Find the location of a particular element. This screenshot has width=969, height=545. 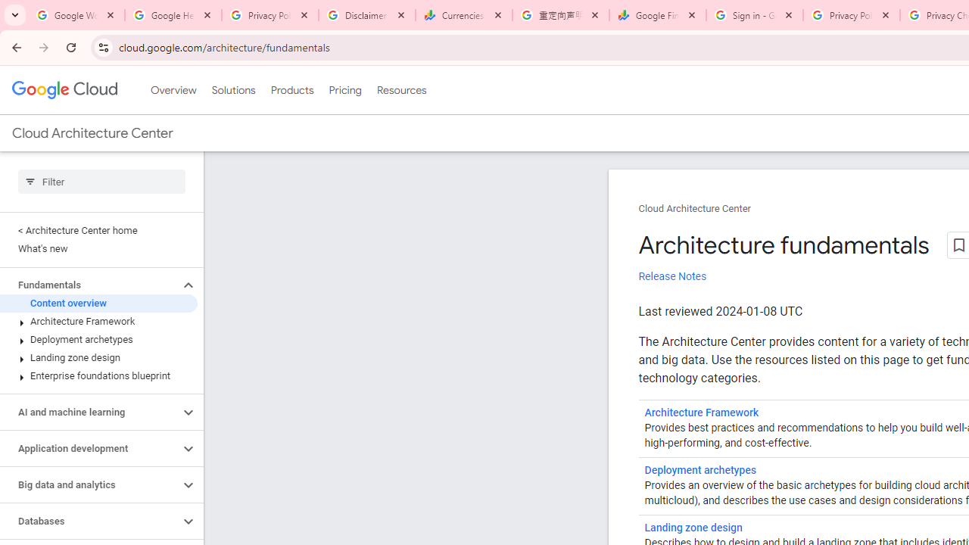

'Currencies - Google Finance' is located at coordinates (463, 15).